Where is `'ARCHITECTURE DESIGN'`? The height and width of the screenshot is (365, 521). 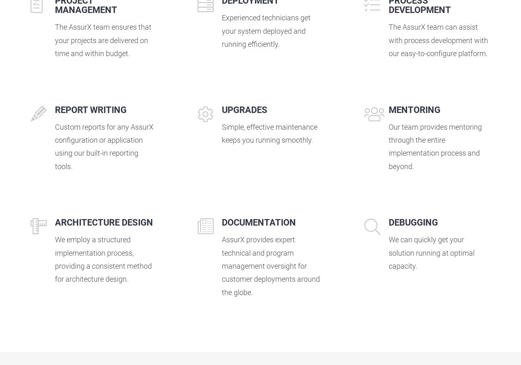
'ARCHITECTURE DESIGN' is located at coordinates (103, 222).